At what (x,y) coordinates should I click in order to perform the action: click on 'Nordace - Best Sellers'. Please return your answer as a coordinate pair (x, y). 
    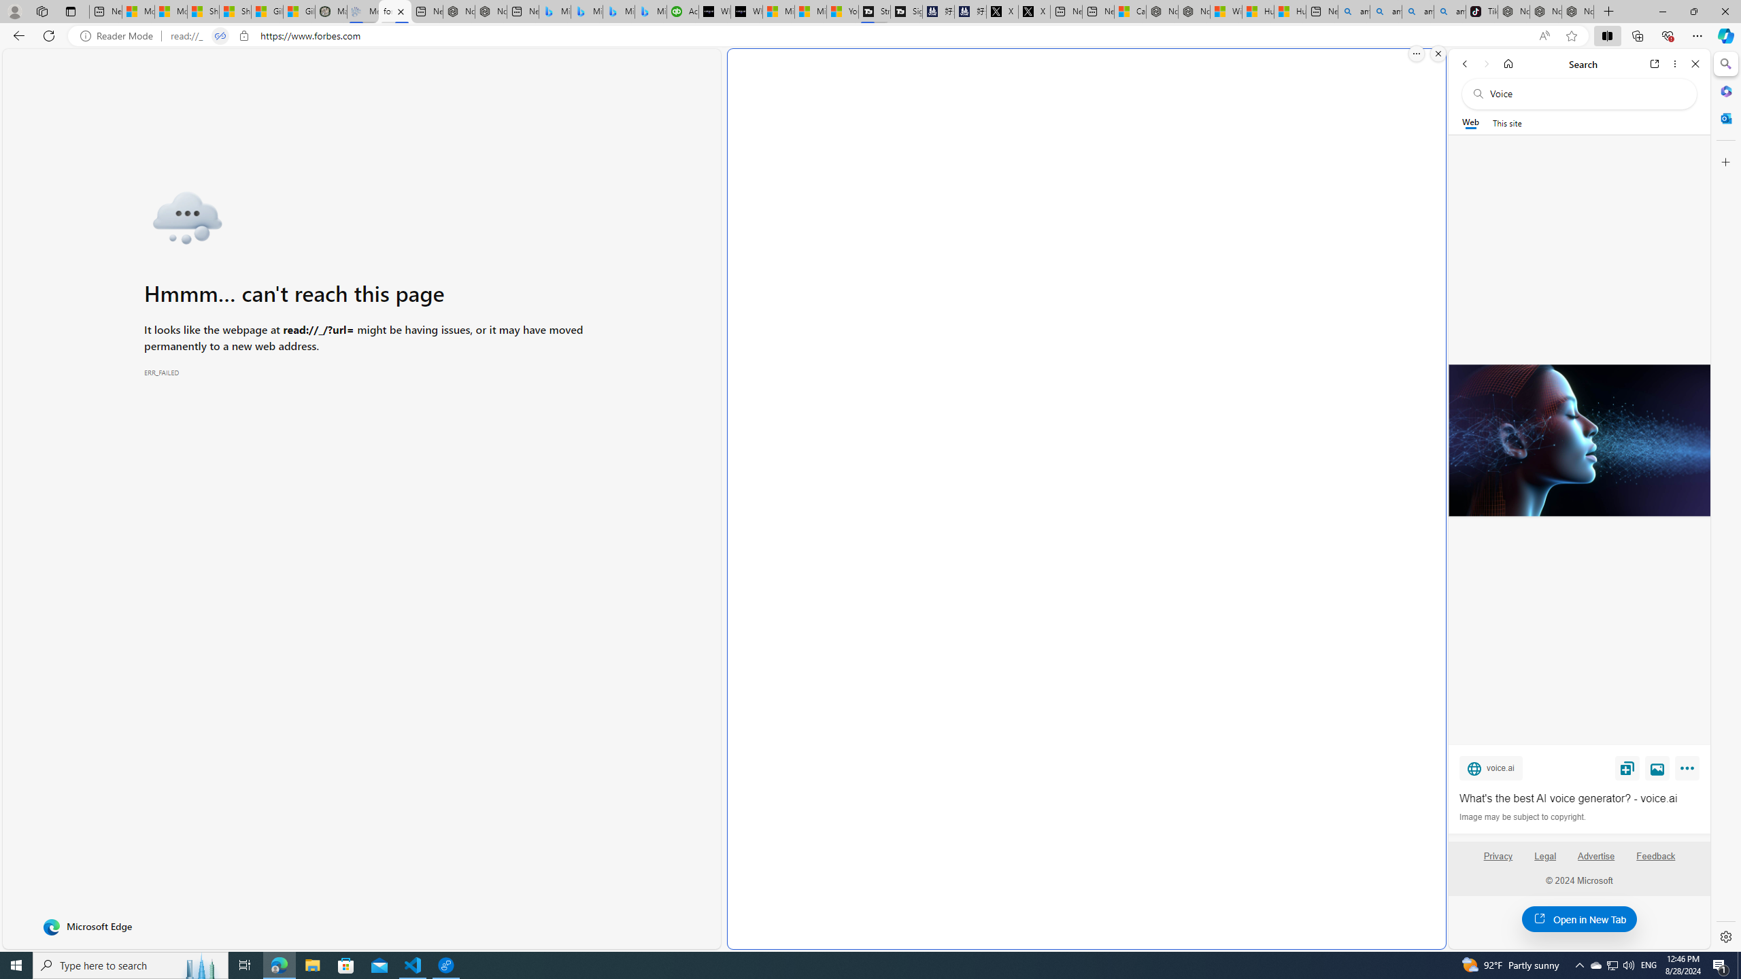
    Looking at the image, I should click on (1513, 11).